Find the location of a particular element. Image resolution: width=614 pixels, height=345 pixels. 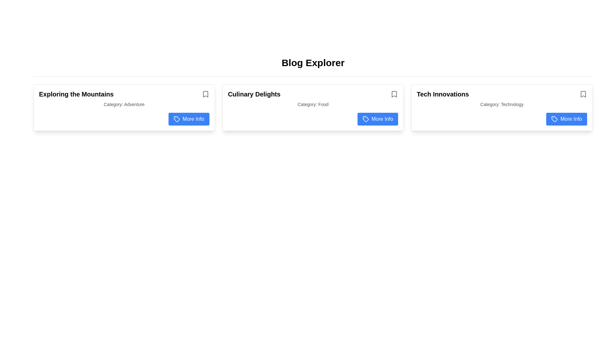

the tag-shaped SVG icon with a blue background that is part of the 'More Info' button in the second blog card titled 'Culinary Delights' is located at coordinates (177, 119).